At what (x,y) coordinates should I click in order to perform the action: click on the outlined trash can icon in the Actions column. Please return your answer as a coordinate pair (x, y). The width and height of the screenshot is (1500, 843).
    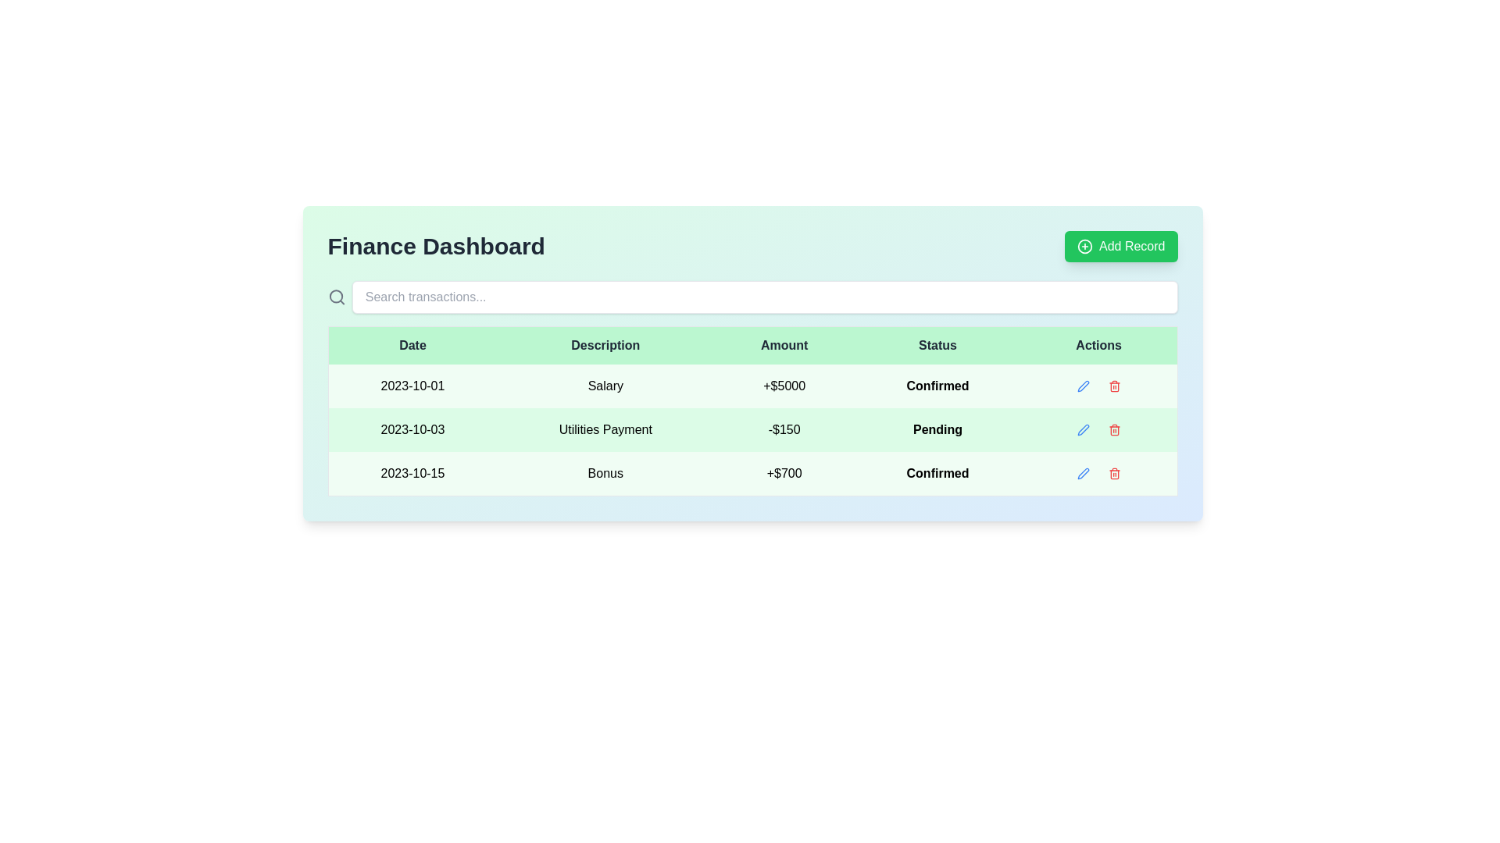
    Looking at the image, I should click on (1113, 386).